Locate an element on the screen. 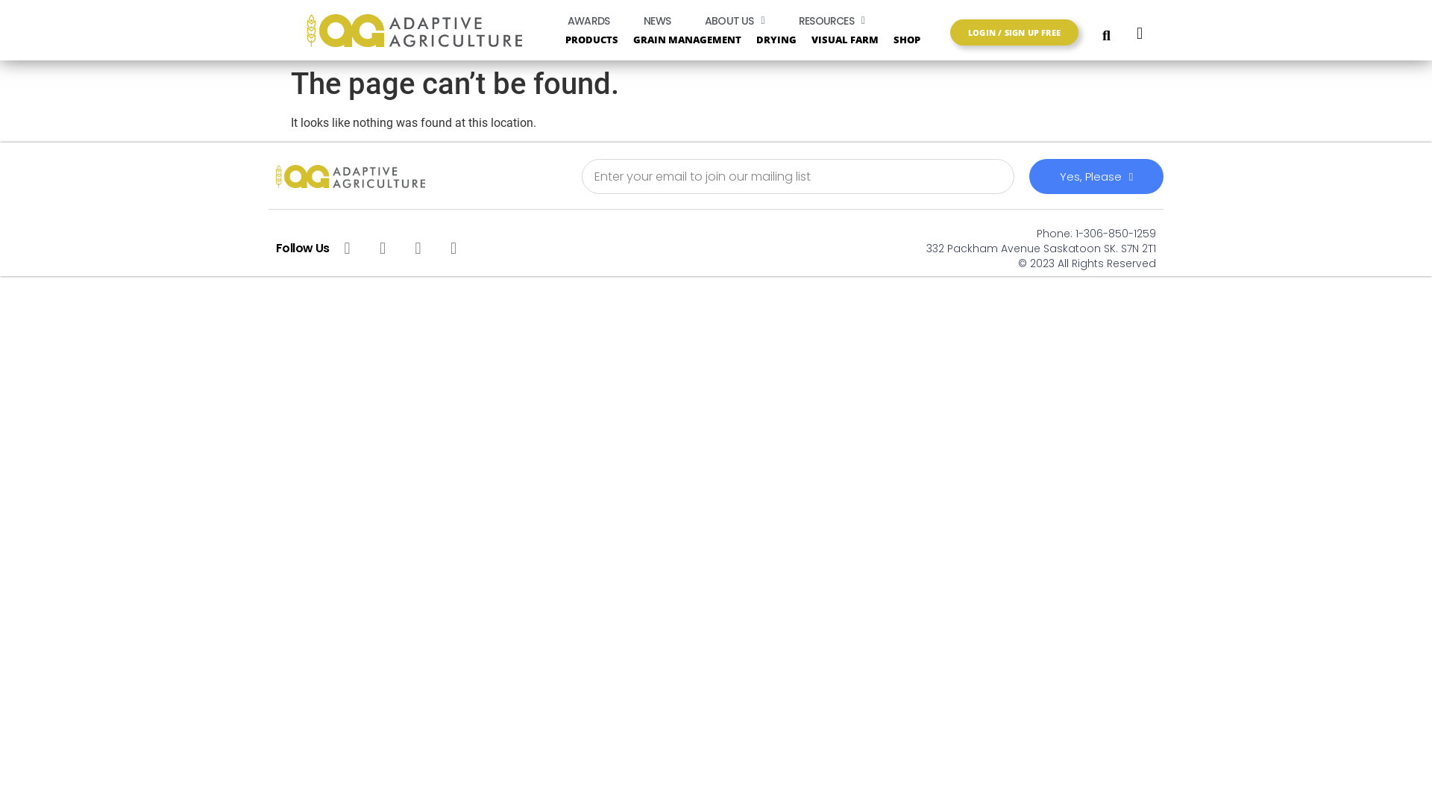 The height and width of the screenshot is (806, 1432). 'SHOP' is located at coordinates (917, 38).